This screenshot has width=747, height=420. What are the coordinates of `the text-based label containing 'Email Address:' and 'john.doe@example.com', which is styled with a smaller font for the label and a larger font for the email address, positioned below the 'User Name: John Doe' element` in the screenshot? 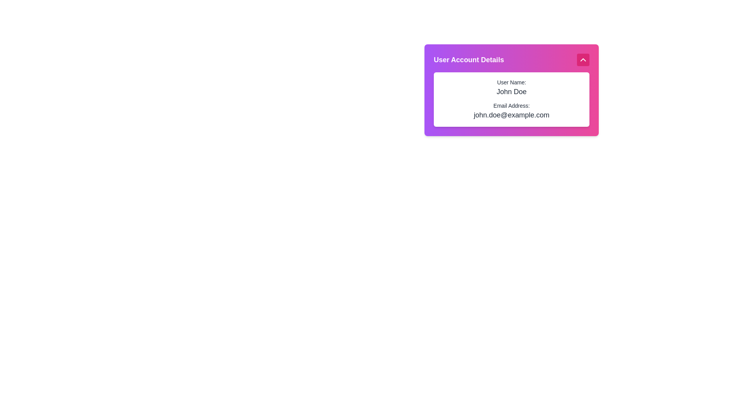 It's located at (512, 111).